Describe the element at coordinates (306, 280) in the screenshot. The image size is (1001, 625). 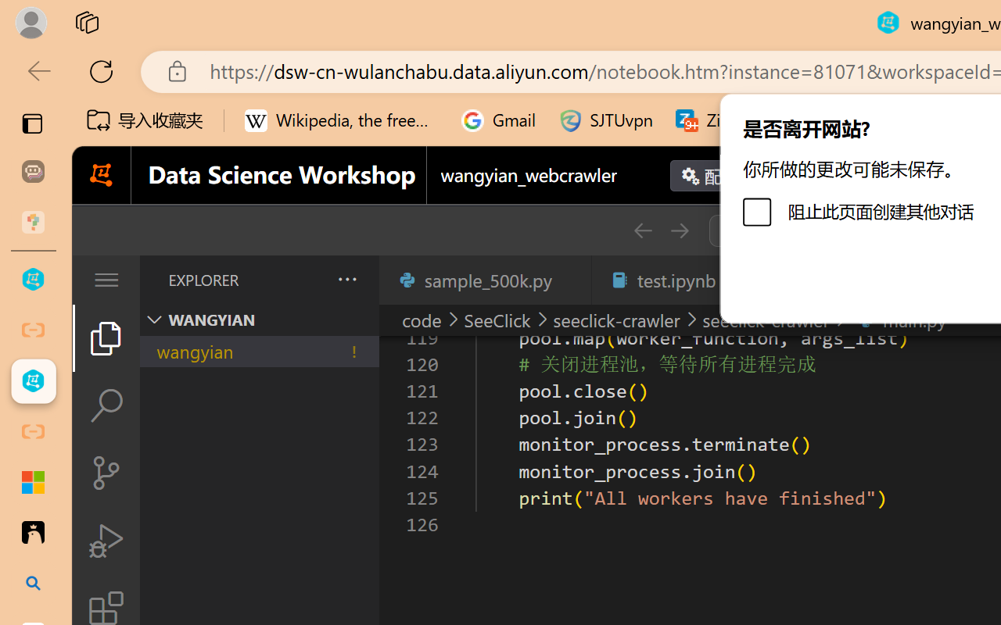
I see `'Explorer actions'` at that location.